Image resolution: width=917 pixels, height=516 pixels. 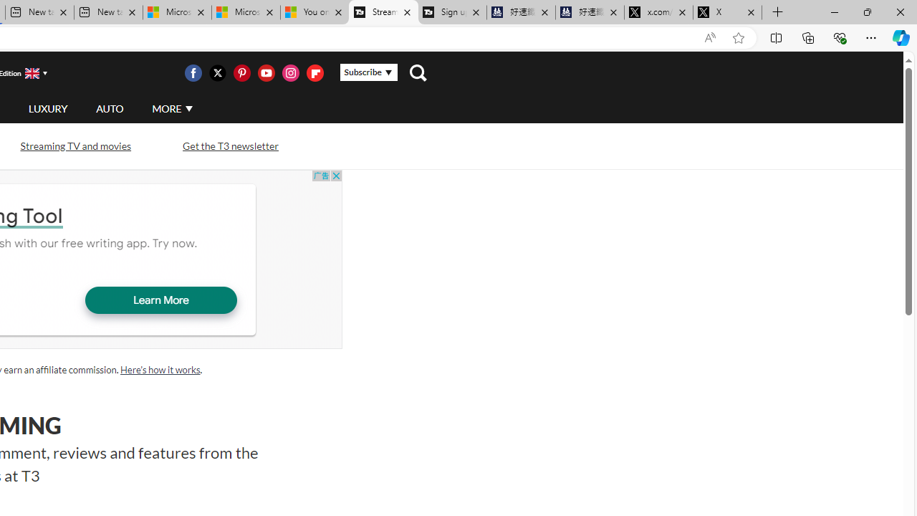 What do you see at coordinates (32, 73) in the screenshot?
I see `'flag of UK'` at bounding box center [32, 73].